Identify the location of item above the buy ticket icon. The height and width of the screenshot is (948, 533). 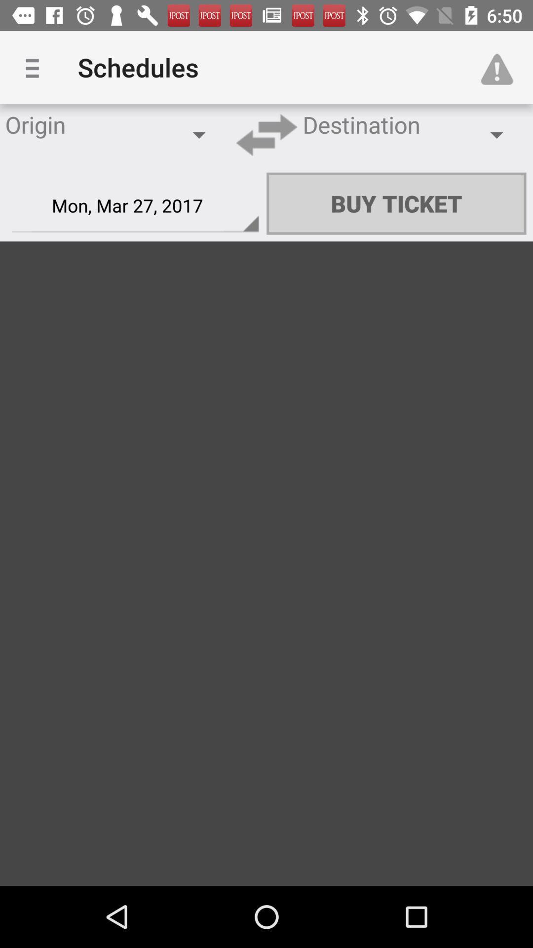
(502, 67).